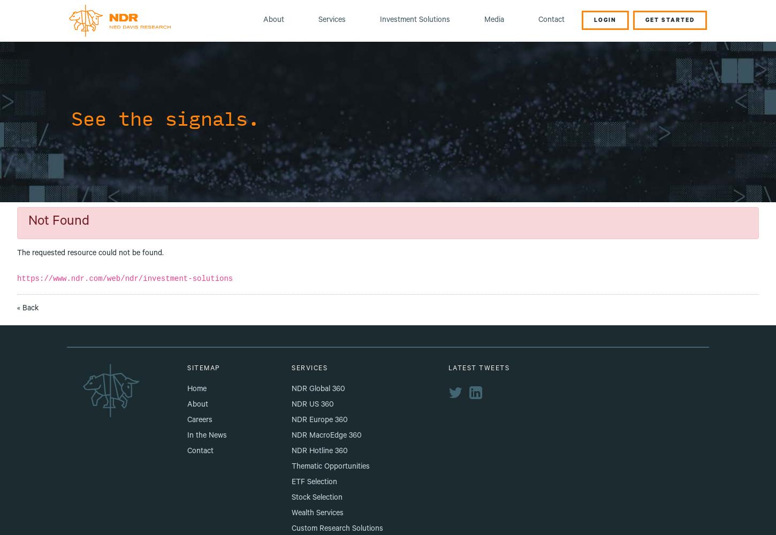 The width and height of the screenshot is (776, 535). I want to click on 'SITEMAP', so click(203, 368).